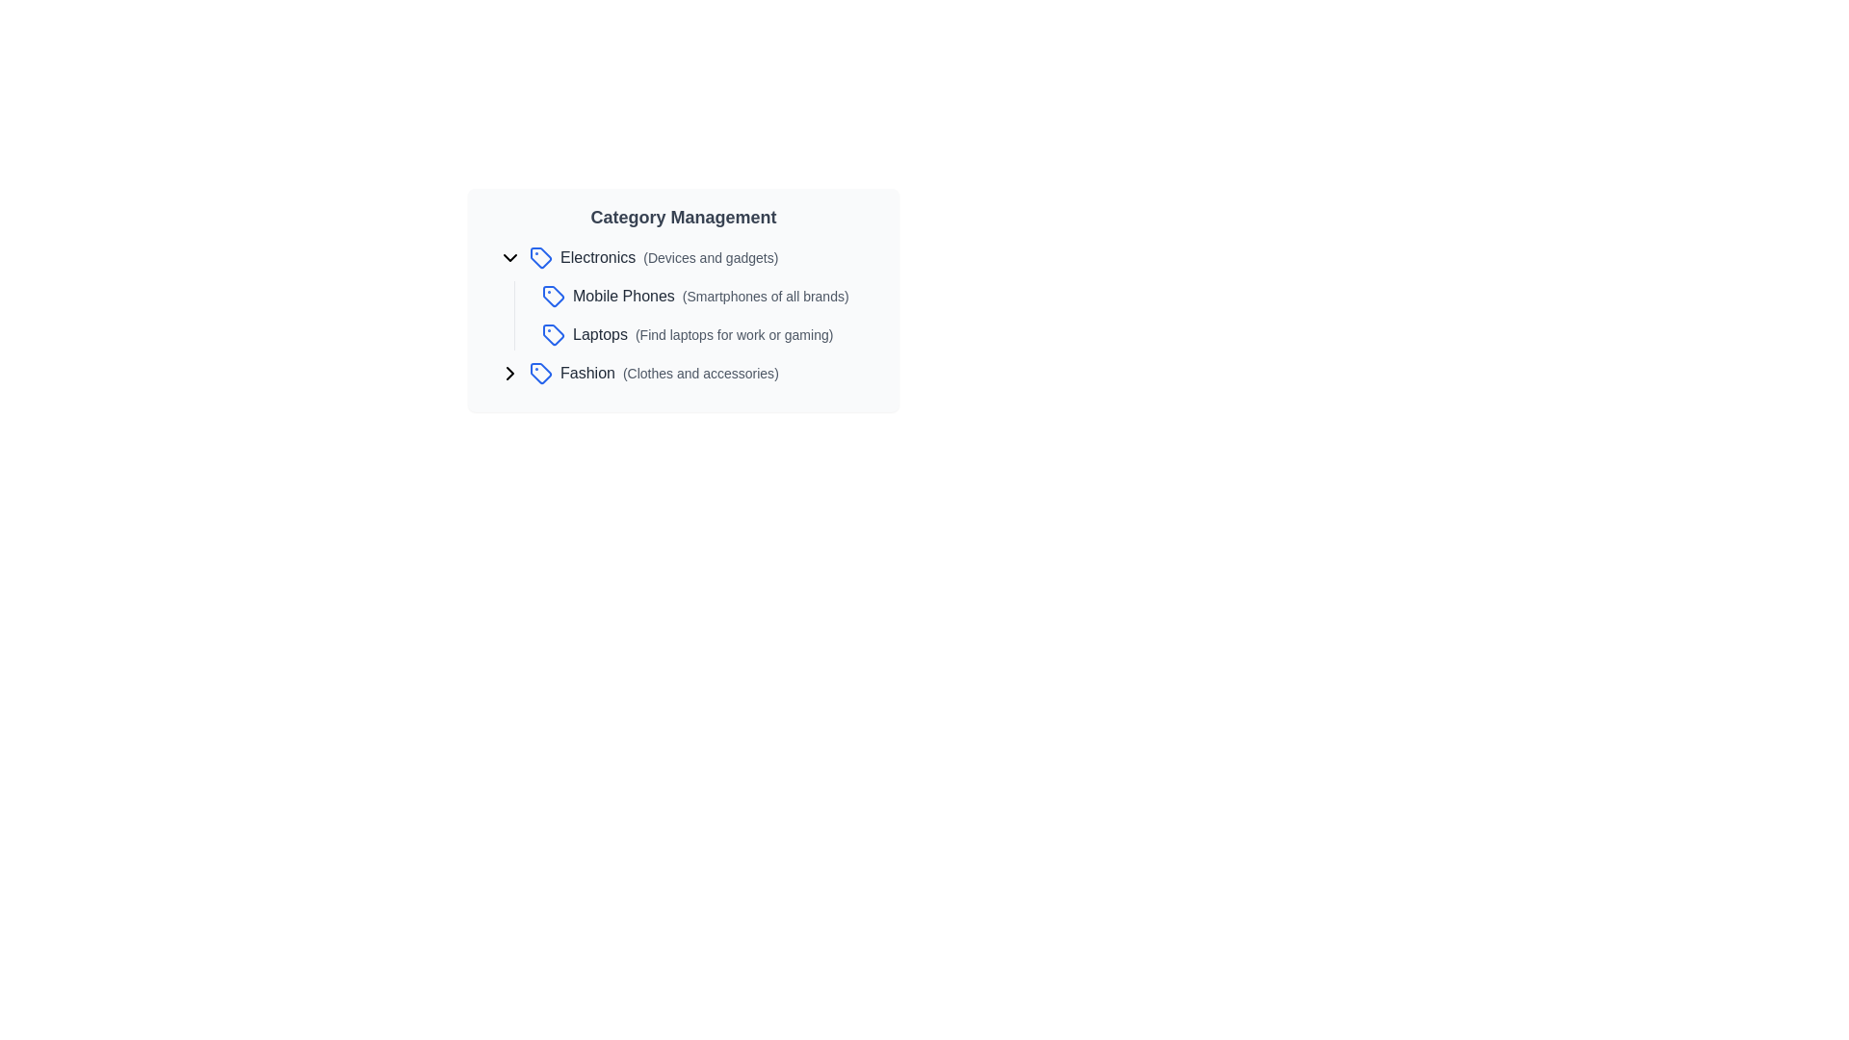 The height and width of the screenshot is (1040, 1849). What do you see at coordinates (539, 374) in the screenshot?
I see `the 'Fashion' category icon, which serves as a visual indicator for the fashion category in the hierarchical list` at bounding box center [539, 374].